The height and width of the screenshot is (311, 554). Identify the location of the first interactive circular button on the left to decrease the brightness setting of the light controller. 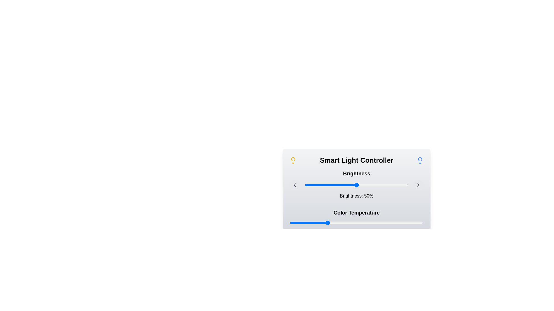
(295, 185).